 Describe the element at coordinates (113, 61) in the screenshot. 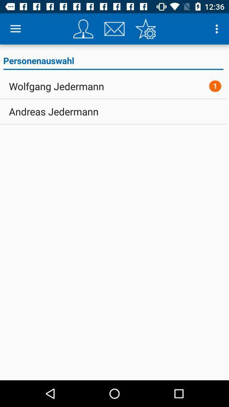

I see `the personenauswahl` at that location.